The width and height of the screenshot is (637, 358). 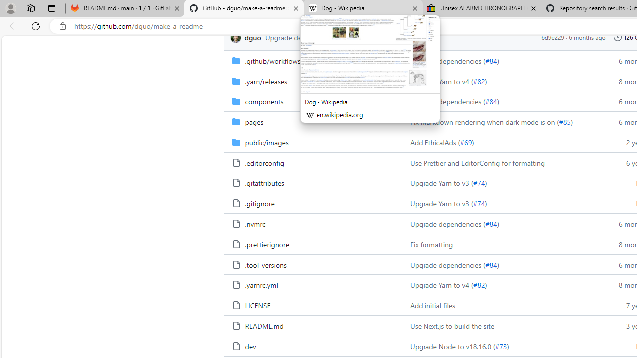 I want to click on '.yarnrc.yml, (File)', so click(x=261, y=285).